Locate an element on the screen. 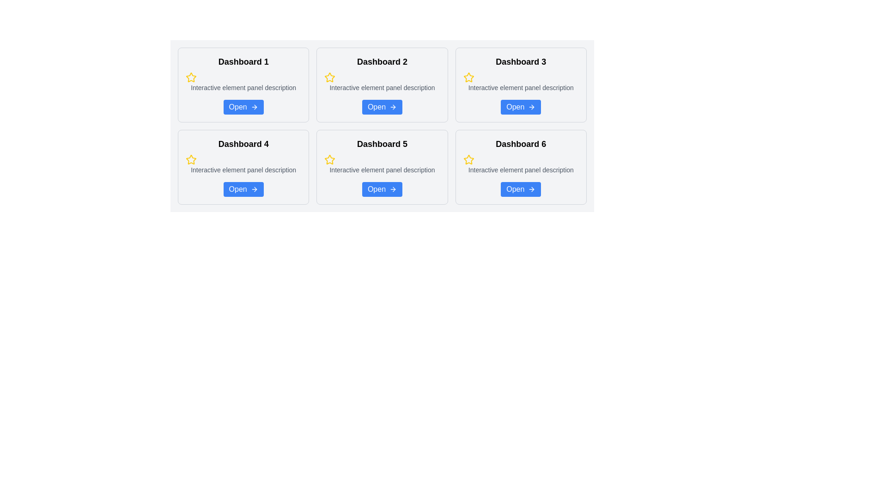  the star icon indicating a rating or highlighted feature within the 'Dashboard 1' card located in the first column of the first row in the grid layout is located at coordinates (190, 77).